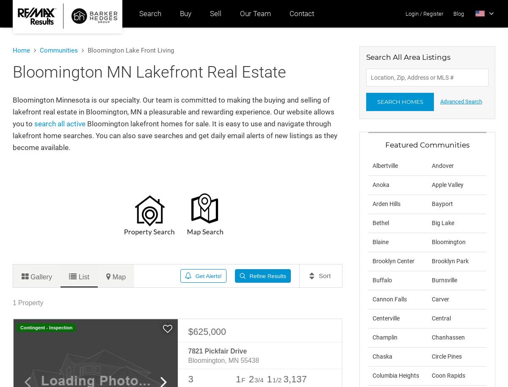  What do you see at coordinates (28, 302) in the screenshot?
I see `'1 Property'` at bounding box center [28, 302].